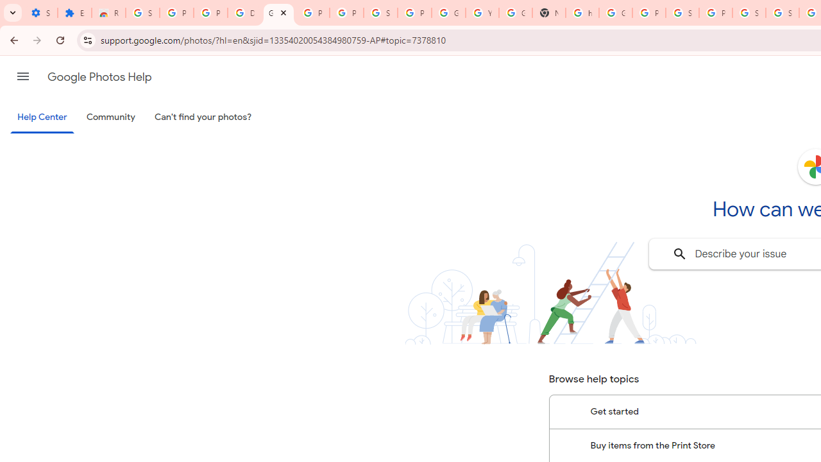 This screenshot has width=821, height=462. I want to click on 'Can', so click(203, 117).